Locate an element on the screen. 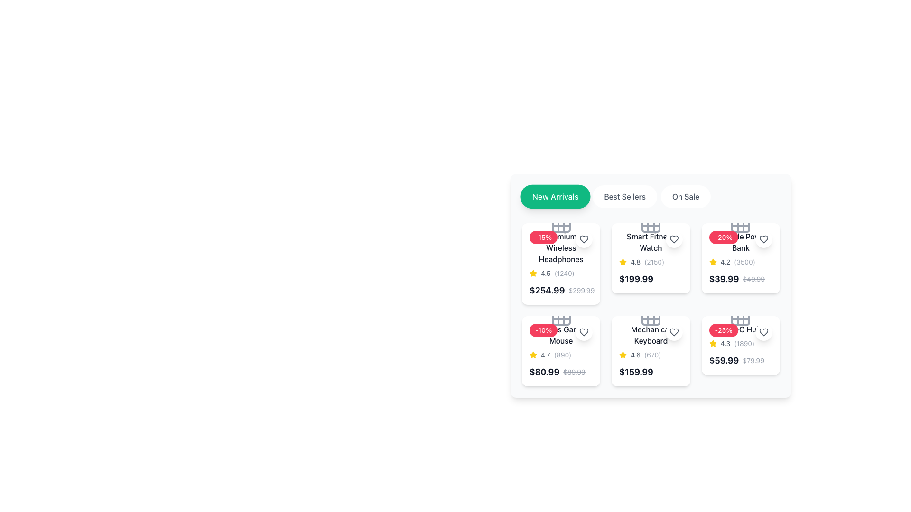 The image size is (911, 512). price and discount information displayed for the item 'Wireless Gar Mouse', which is located in the second card of the second row of the grid layout, beneath its name and rating is located at coordinates (558, 372).